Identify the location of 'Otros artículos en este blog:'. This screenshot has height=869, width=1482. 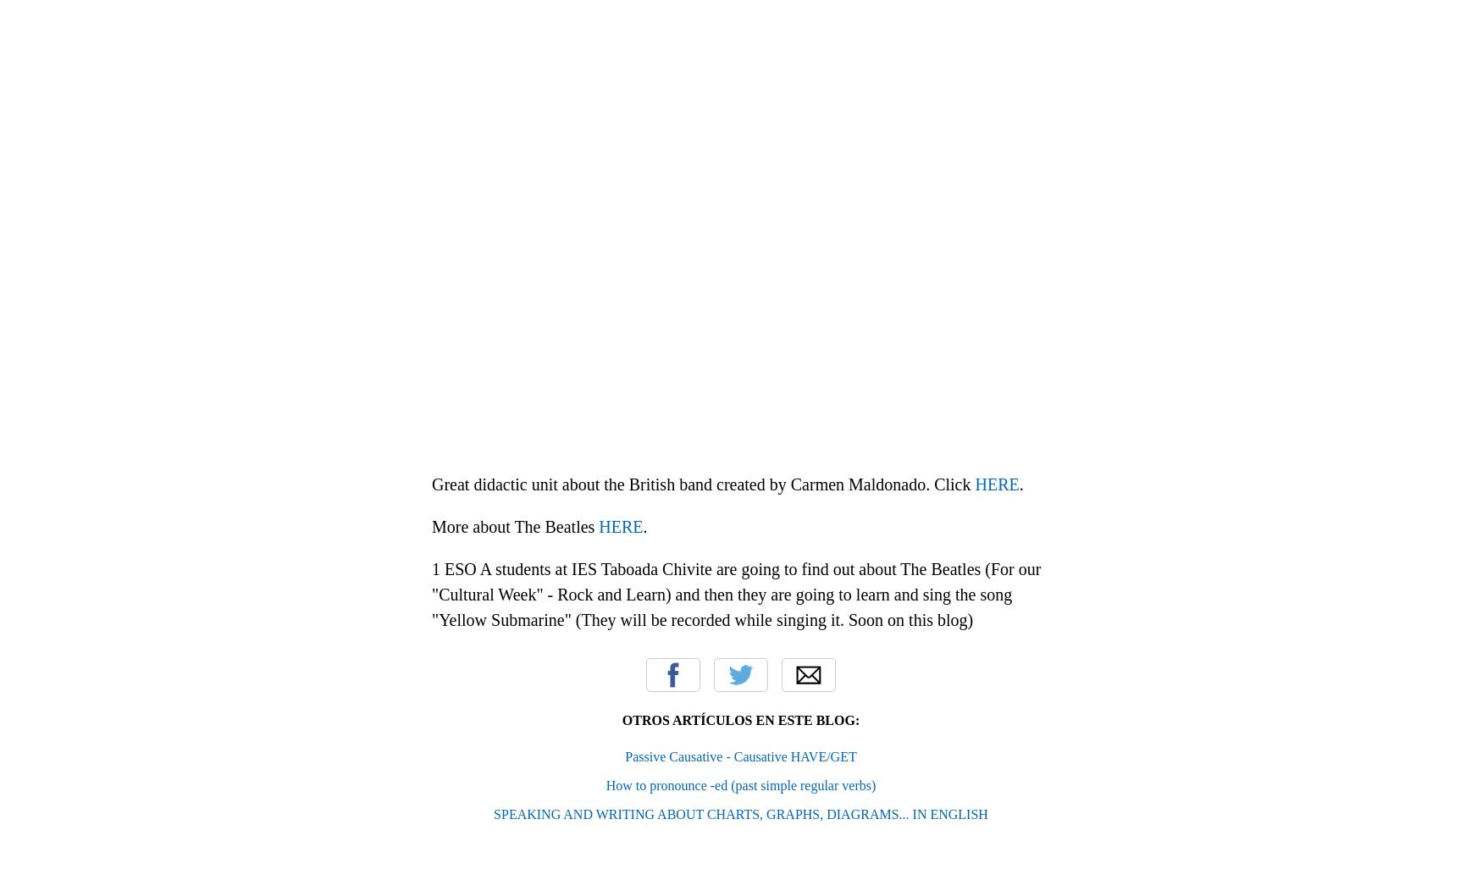
(740, 719).